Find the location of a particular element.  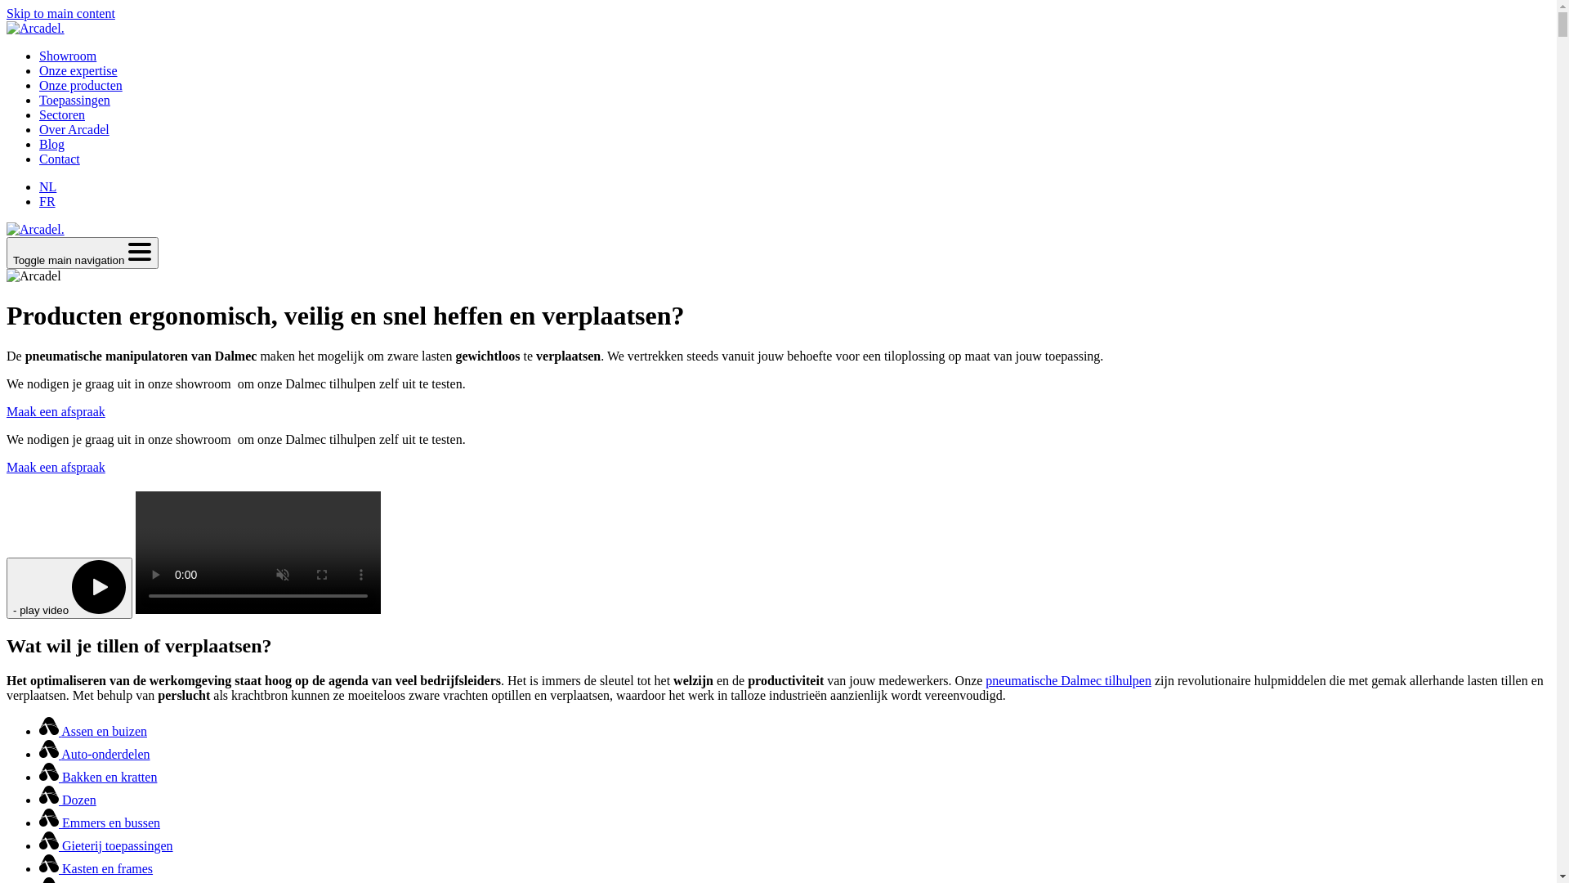

'Emmers en bussen' is located at coordinates (98, 822).